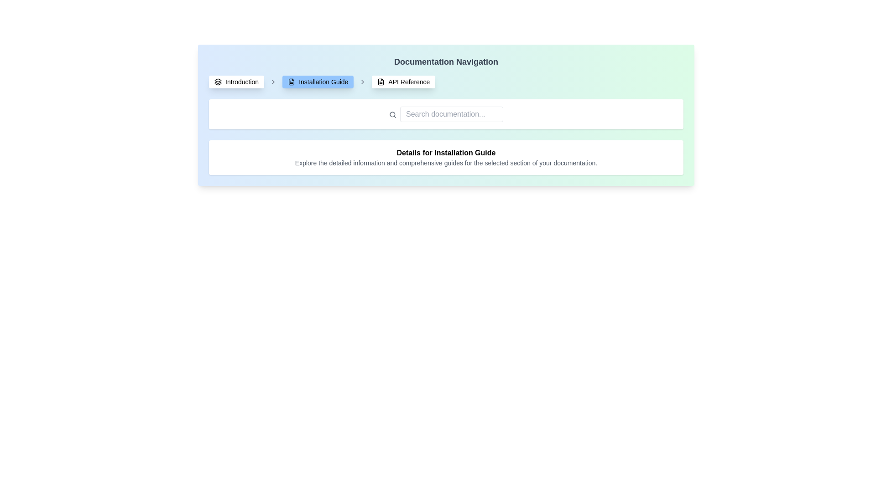 This screenshot has width=876, height=492. I want to click on the chevron icon positioned to the right of the 'Installation Guide' navigation button, which indicates a continuation to the 'API Reference' navigation button, so click(362, 82).